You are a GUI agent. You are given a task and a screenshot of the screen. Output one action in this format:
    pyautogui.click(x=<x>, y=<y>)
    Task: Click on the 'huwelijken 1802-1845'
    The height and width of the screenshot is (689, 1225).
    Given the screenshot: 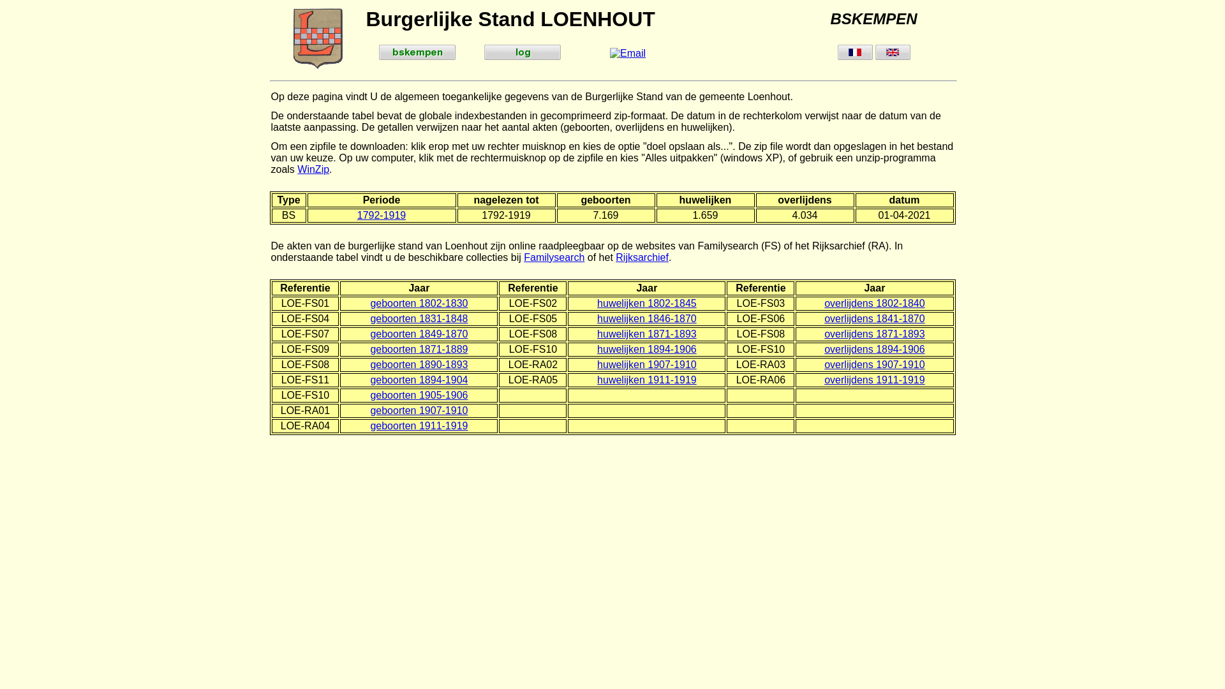 What is the action you would take?
    pyautogui.click(x=646, y=303)
    